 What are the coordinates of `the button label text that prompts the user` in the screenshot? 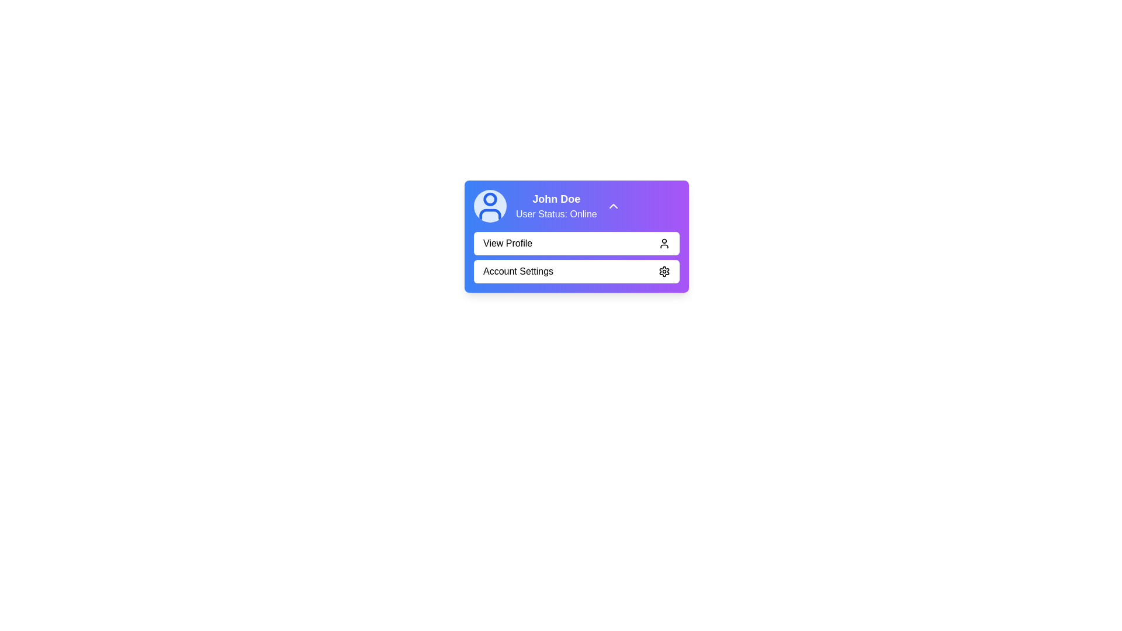 It's located at (508, 242).